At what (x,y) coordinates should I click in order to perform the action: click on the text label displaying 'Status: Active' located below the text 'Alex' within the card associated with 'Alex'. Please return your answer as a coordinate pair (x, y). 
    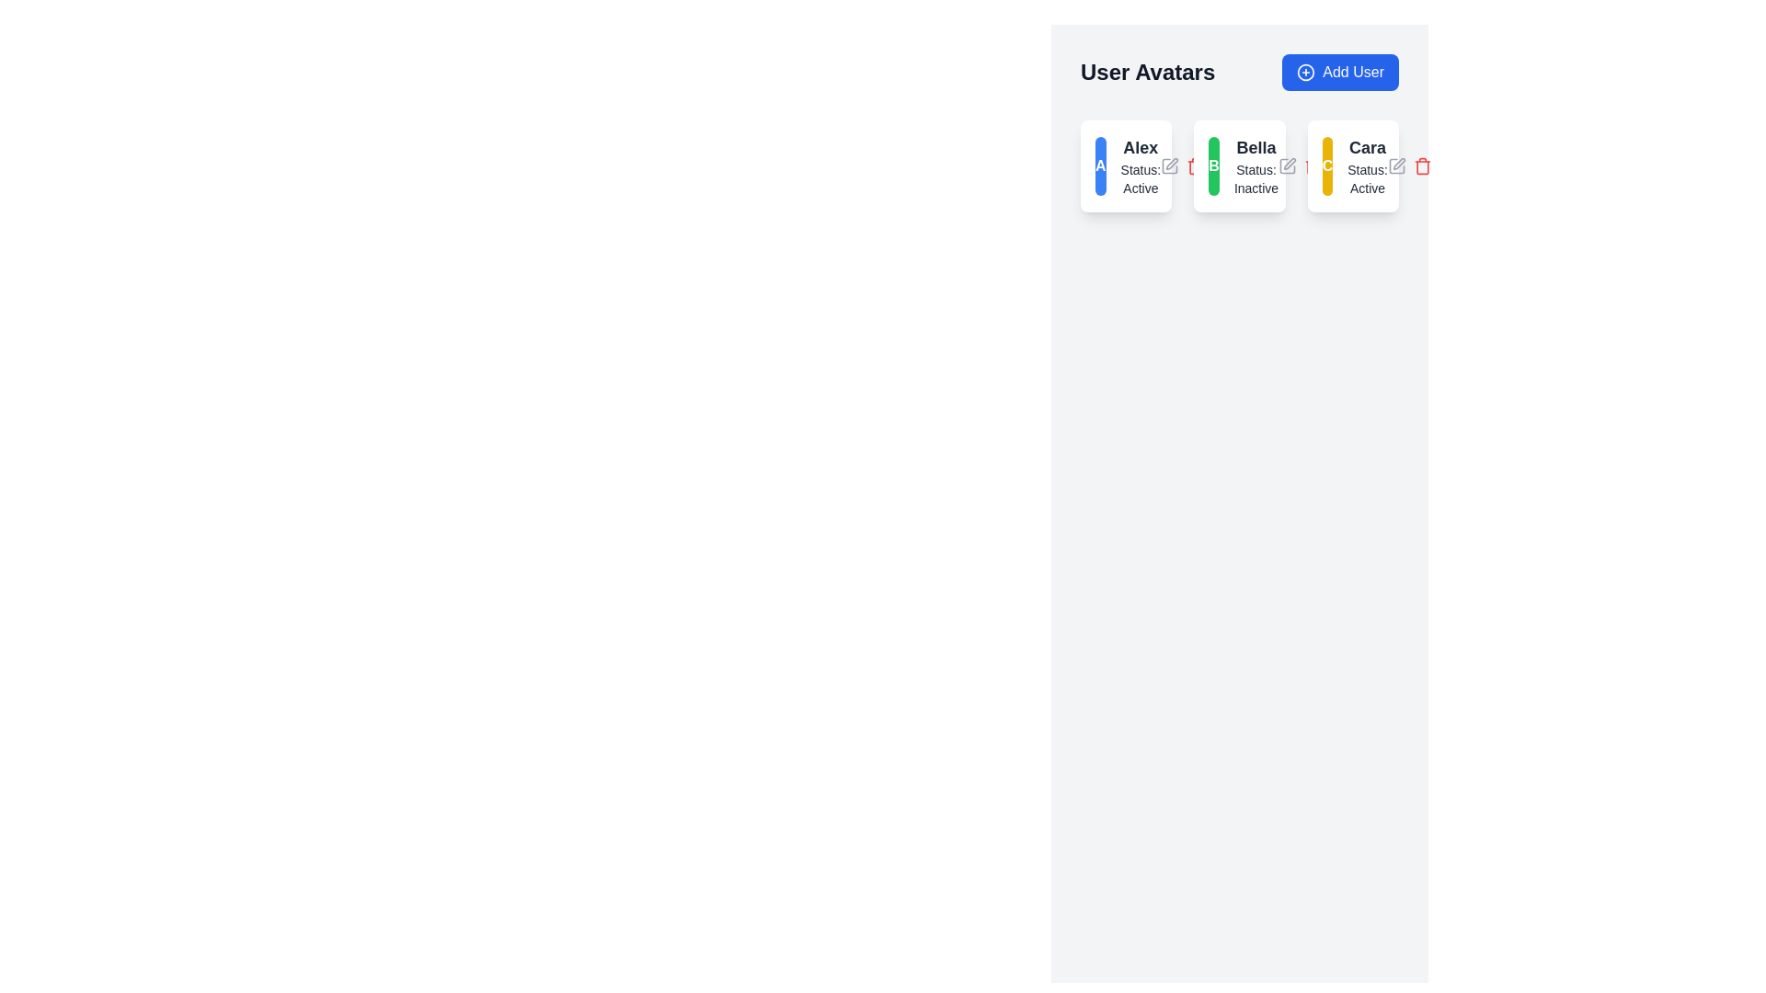
    Looking at the image, I should click on (1140, 179).